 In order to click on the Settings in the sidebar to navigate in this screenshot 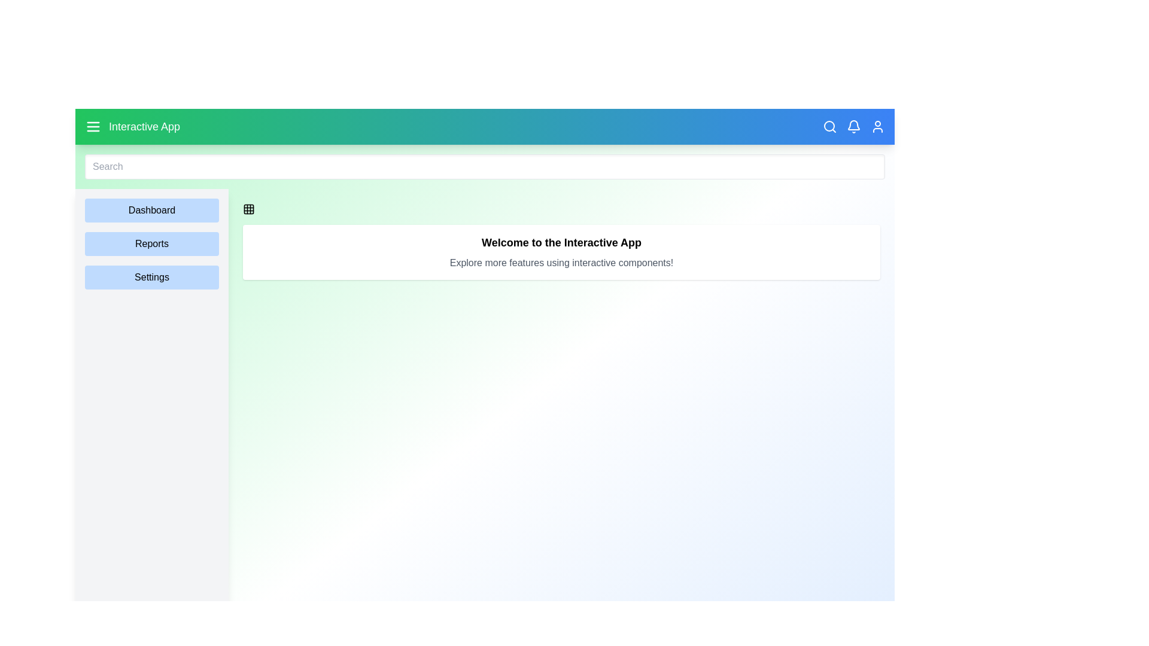, I will do `click(151, 277)`.